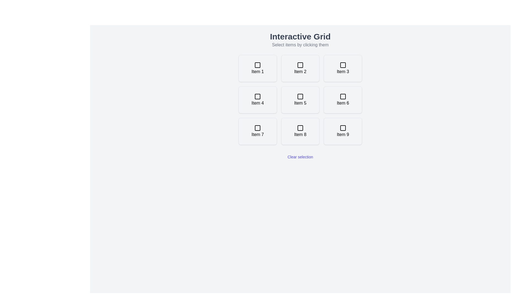  What do you see at coordinates (257, 96) in the screenshot?
I see `the decorative or functional indicator icon located at the center of the 'Item 4' button in the 3x3 grid layout` at bounding box center [257, 96].